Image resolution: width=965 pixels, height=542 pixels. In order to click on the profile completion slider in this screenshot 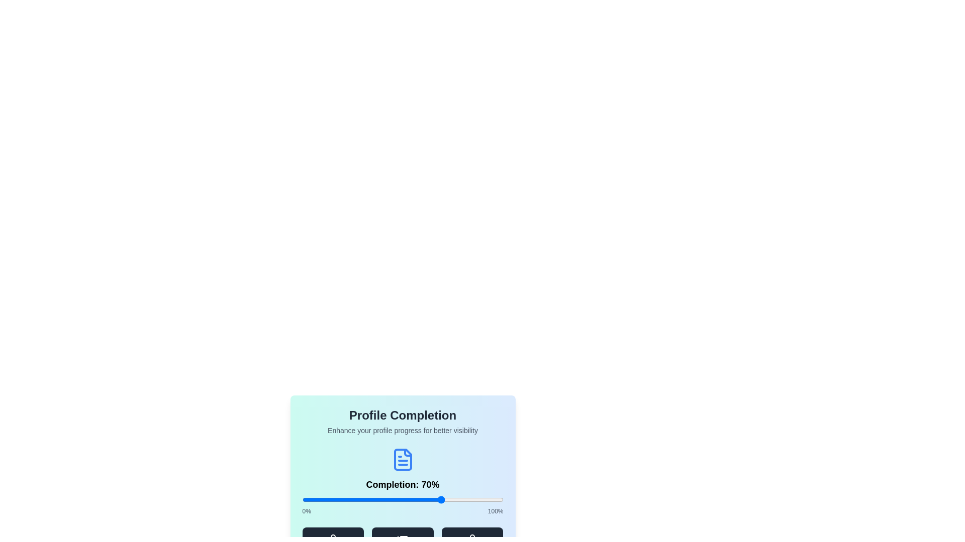, I will do `click(326, 499)`.